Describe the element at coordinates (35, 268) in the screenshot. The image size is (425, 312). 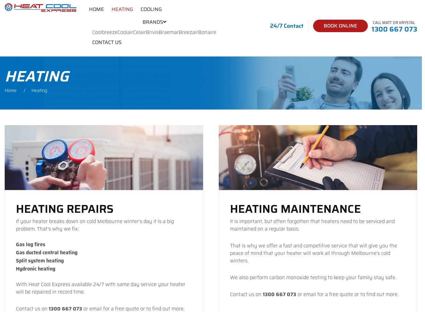
I see `'Hydronic heating'` at that location.